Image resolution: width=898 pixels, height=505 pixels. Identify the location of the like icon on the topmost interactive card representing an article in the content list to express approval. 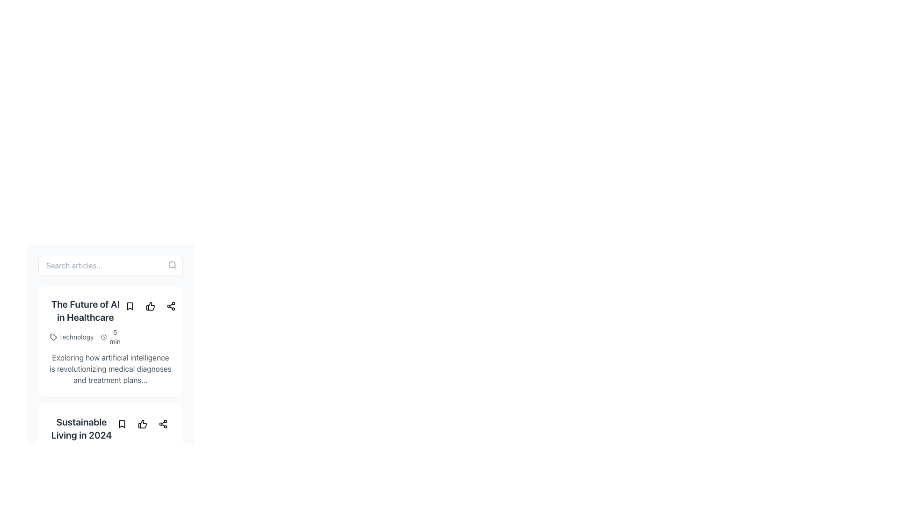
(110, 339).